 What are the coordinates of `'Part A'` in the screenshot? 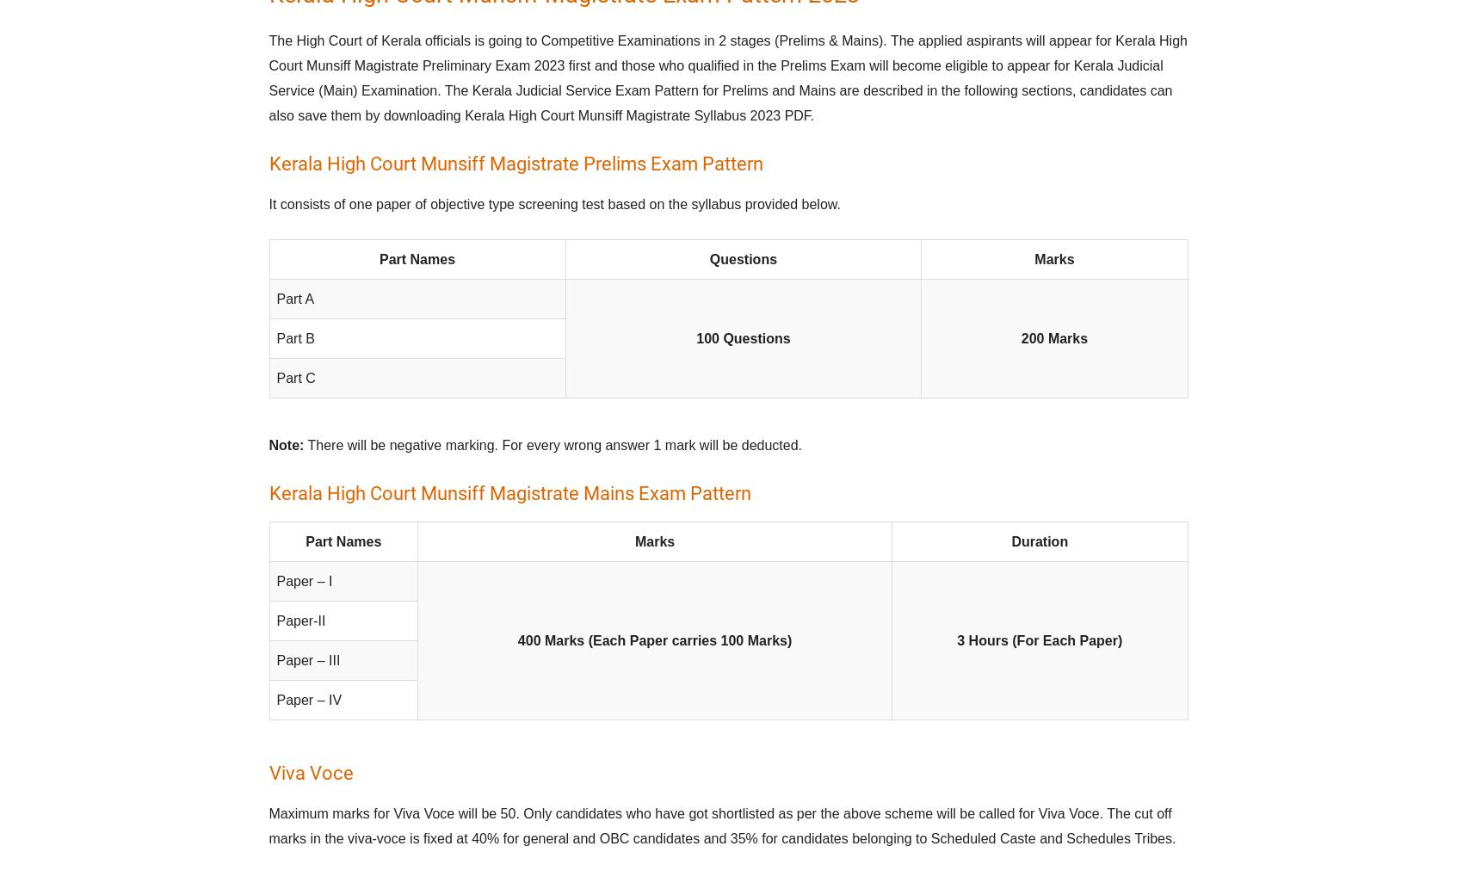 It's located at (275, 299).